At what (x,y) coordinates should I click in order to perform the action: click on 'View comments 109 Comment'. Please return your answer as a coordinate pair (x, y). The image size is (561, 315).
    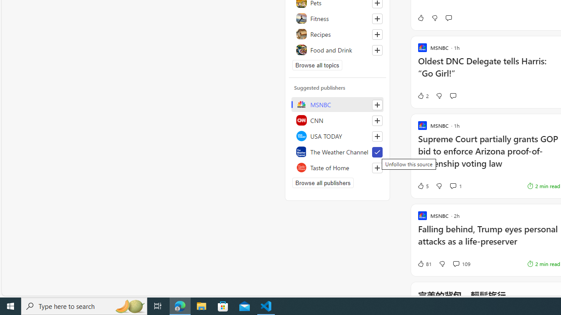
    Looking at the image, I should click on (456, 263).